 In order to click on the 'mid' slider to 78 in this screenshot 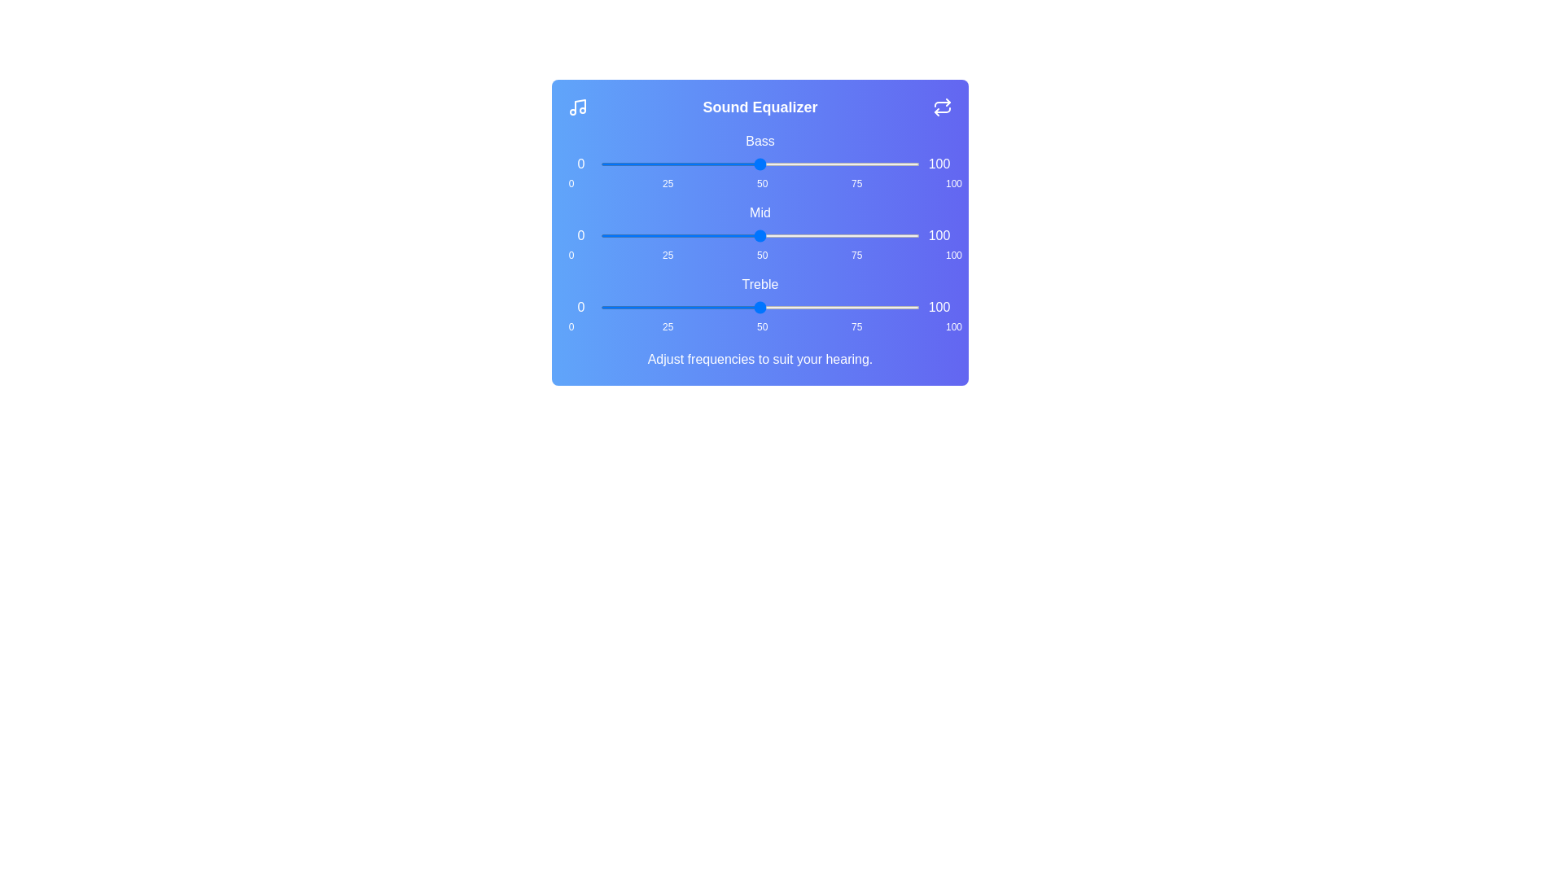, I will do `click(848, 235)`.